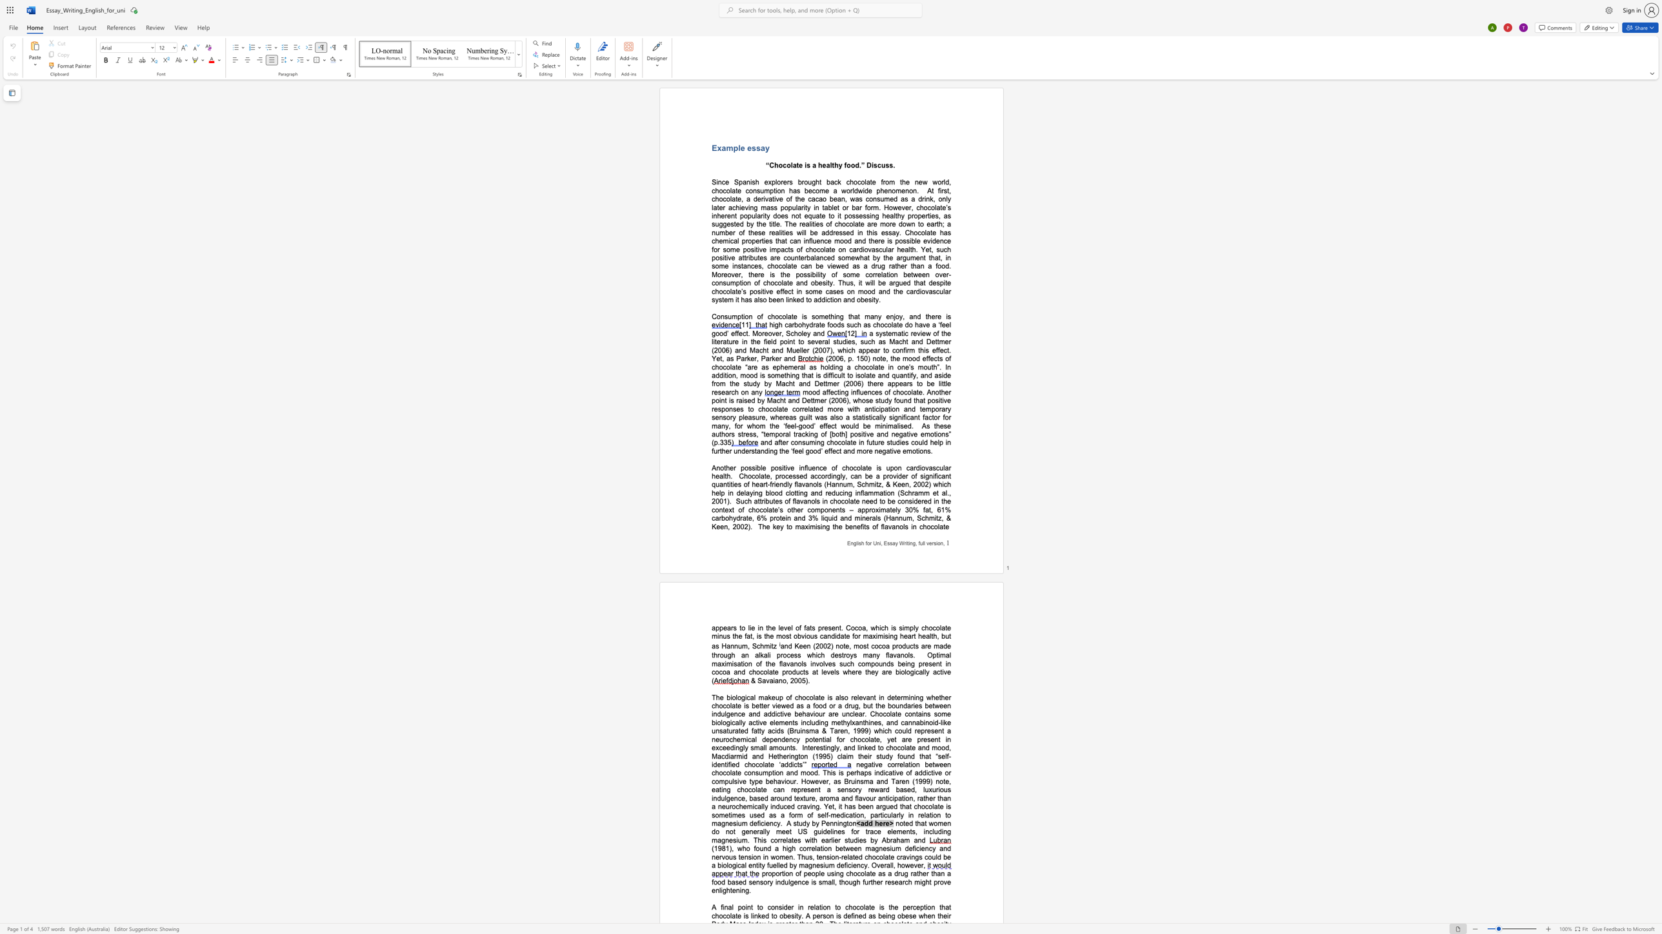 This screenshot has height=934, width=1662. I want to click on the space between the continuous character "t" and "a" in the text, so click(756, 450).